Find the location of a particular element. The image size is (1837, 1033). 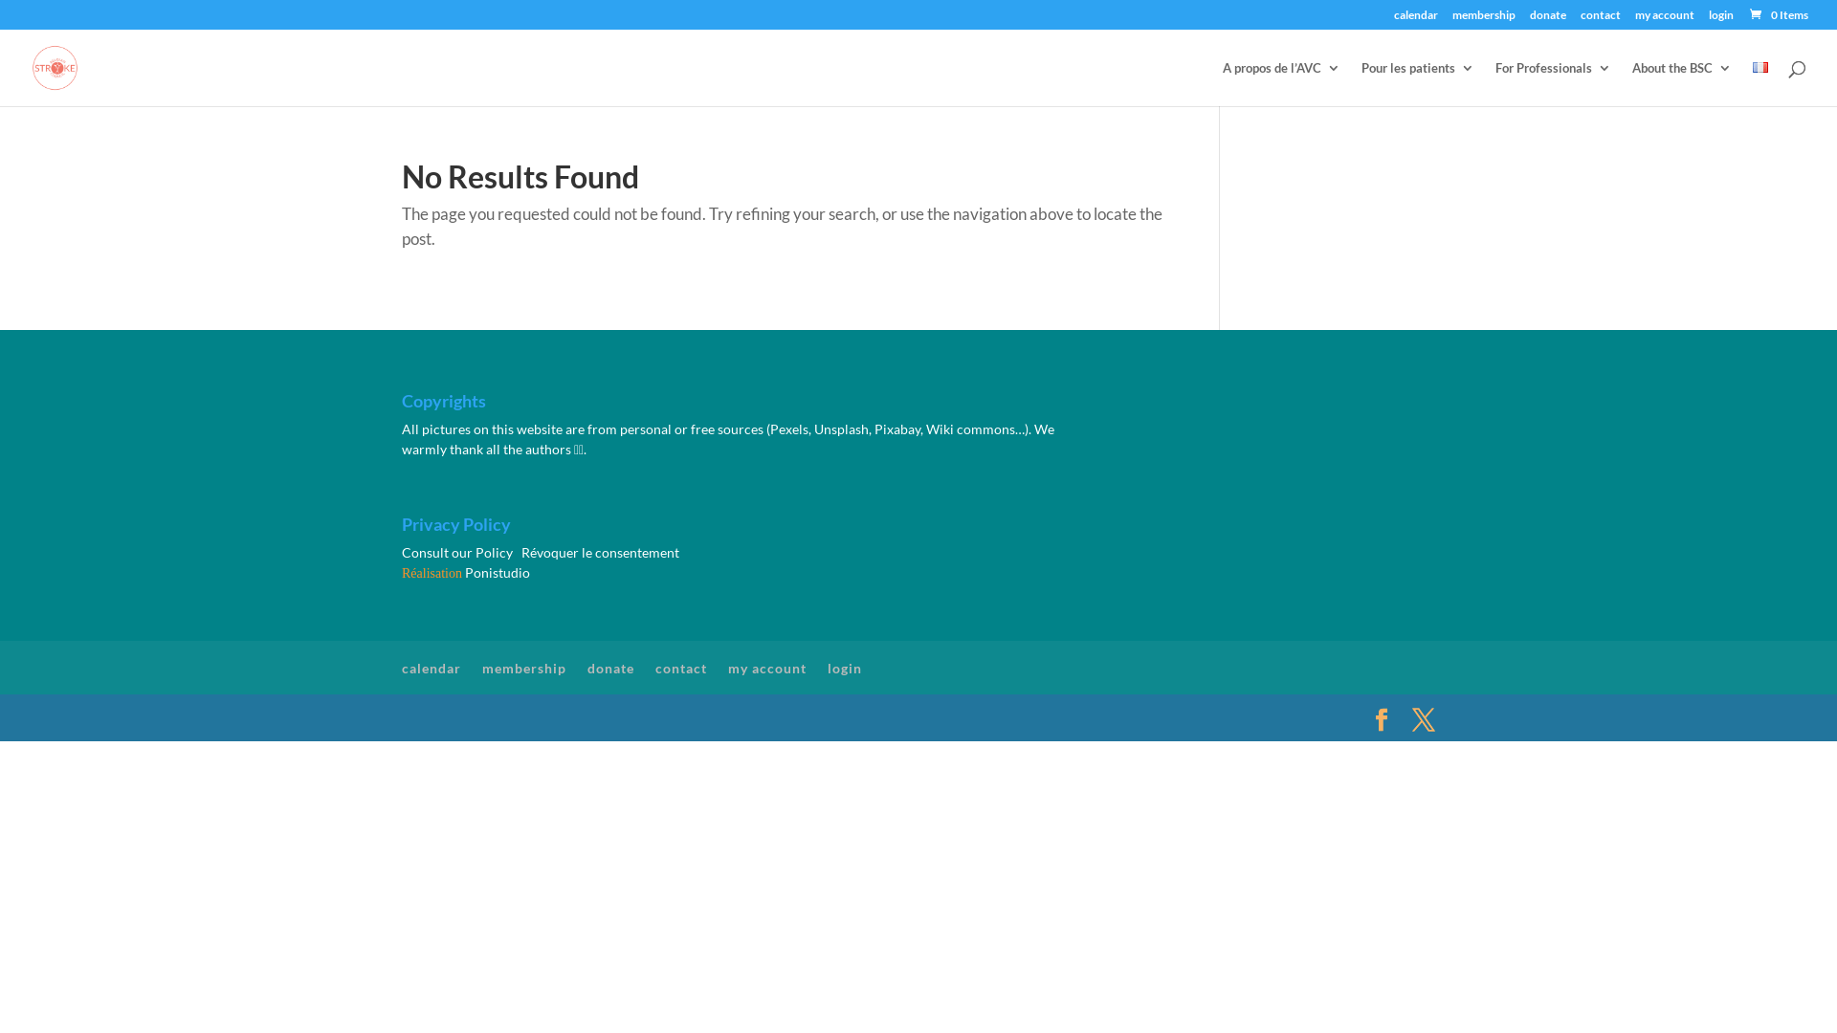

'membership' is located at coordinates (1482, 19).